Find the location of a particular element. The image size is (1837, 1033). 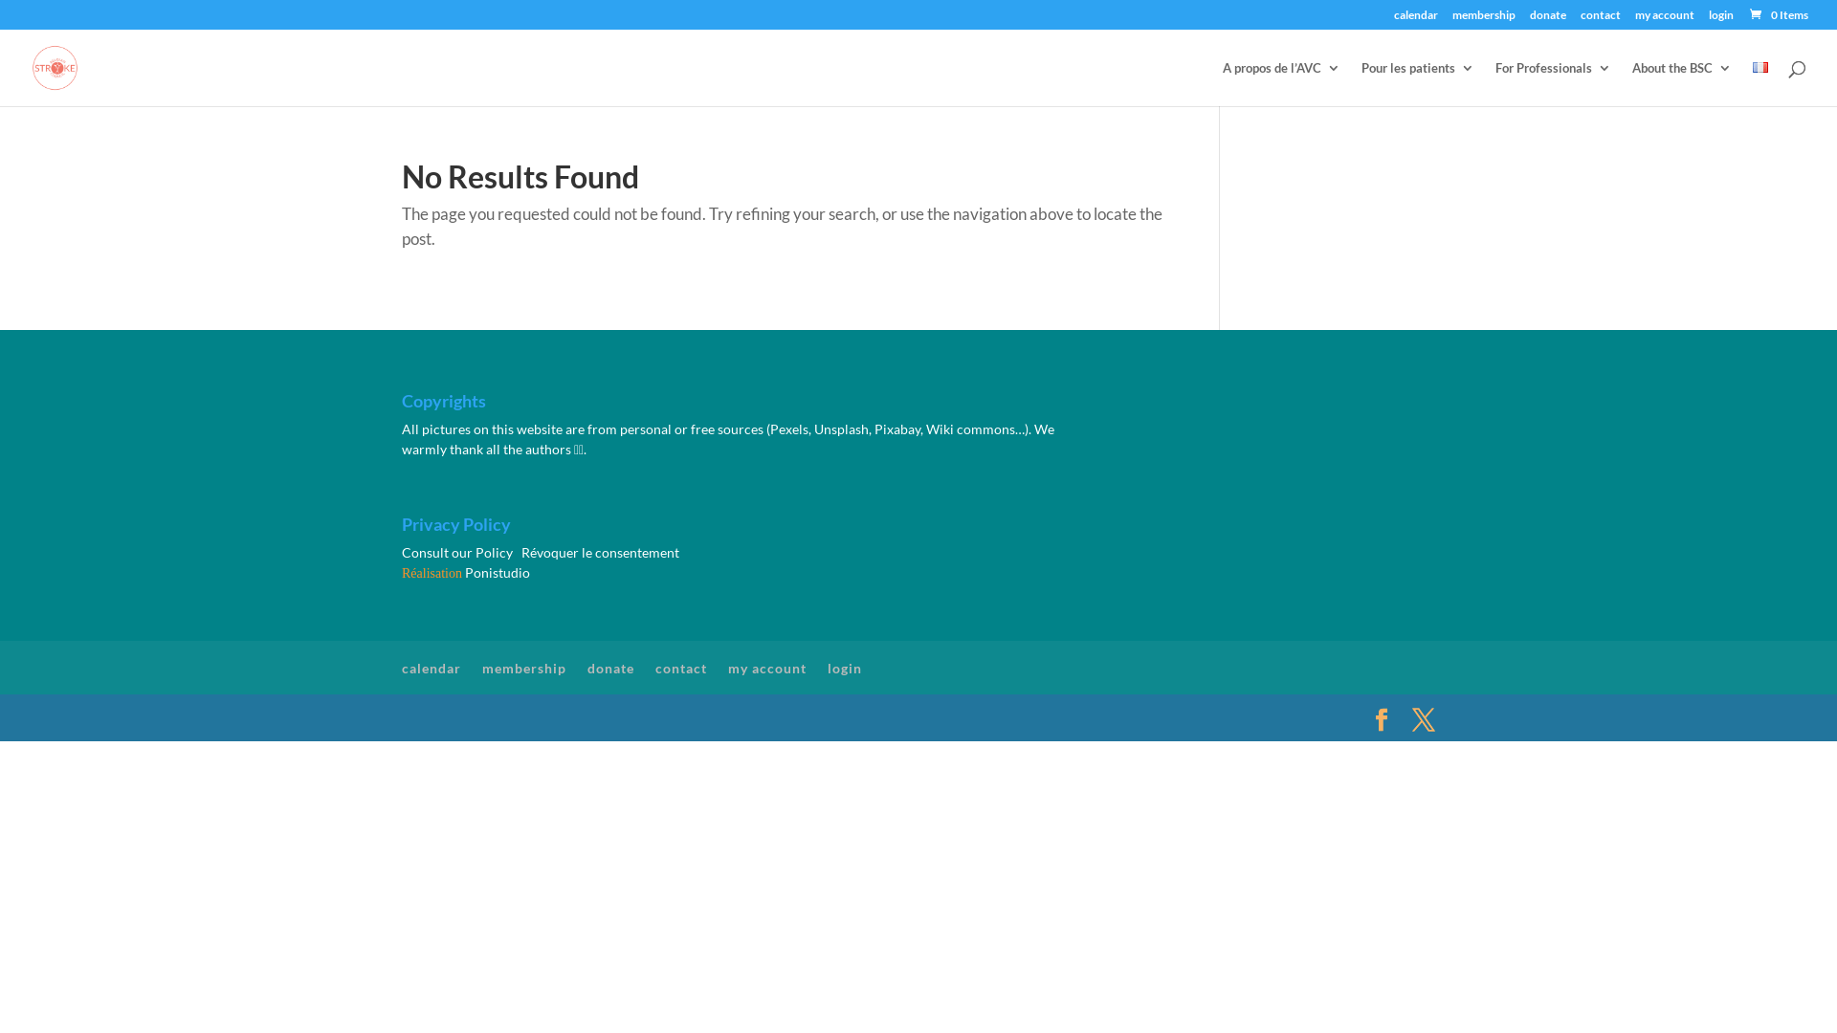

'membership' is located at coordinates (1482, 19).